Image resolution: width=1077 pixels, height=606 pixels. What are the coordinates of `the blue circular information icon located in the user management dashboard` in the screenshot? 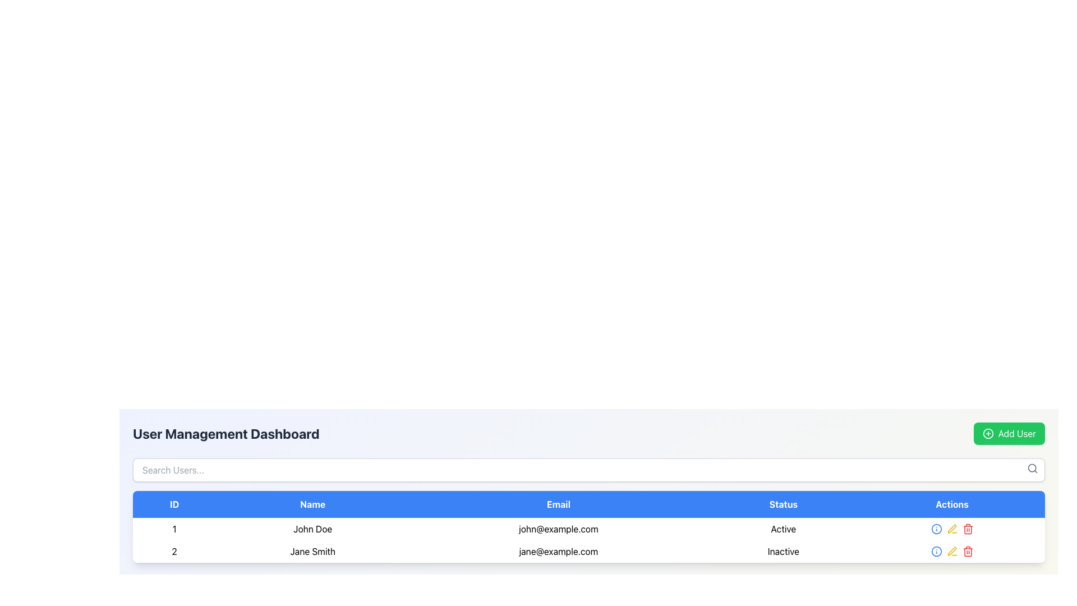 It's located at (936, 551).